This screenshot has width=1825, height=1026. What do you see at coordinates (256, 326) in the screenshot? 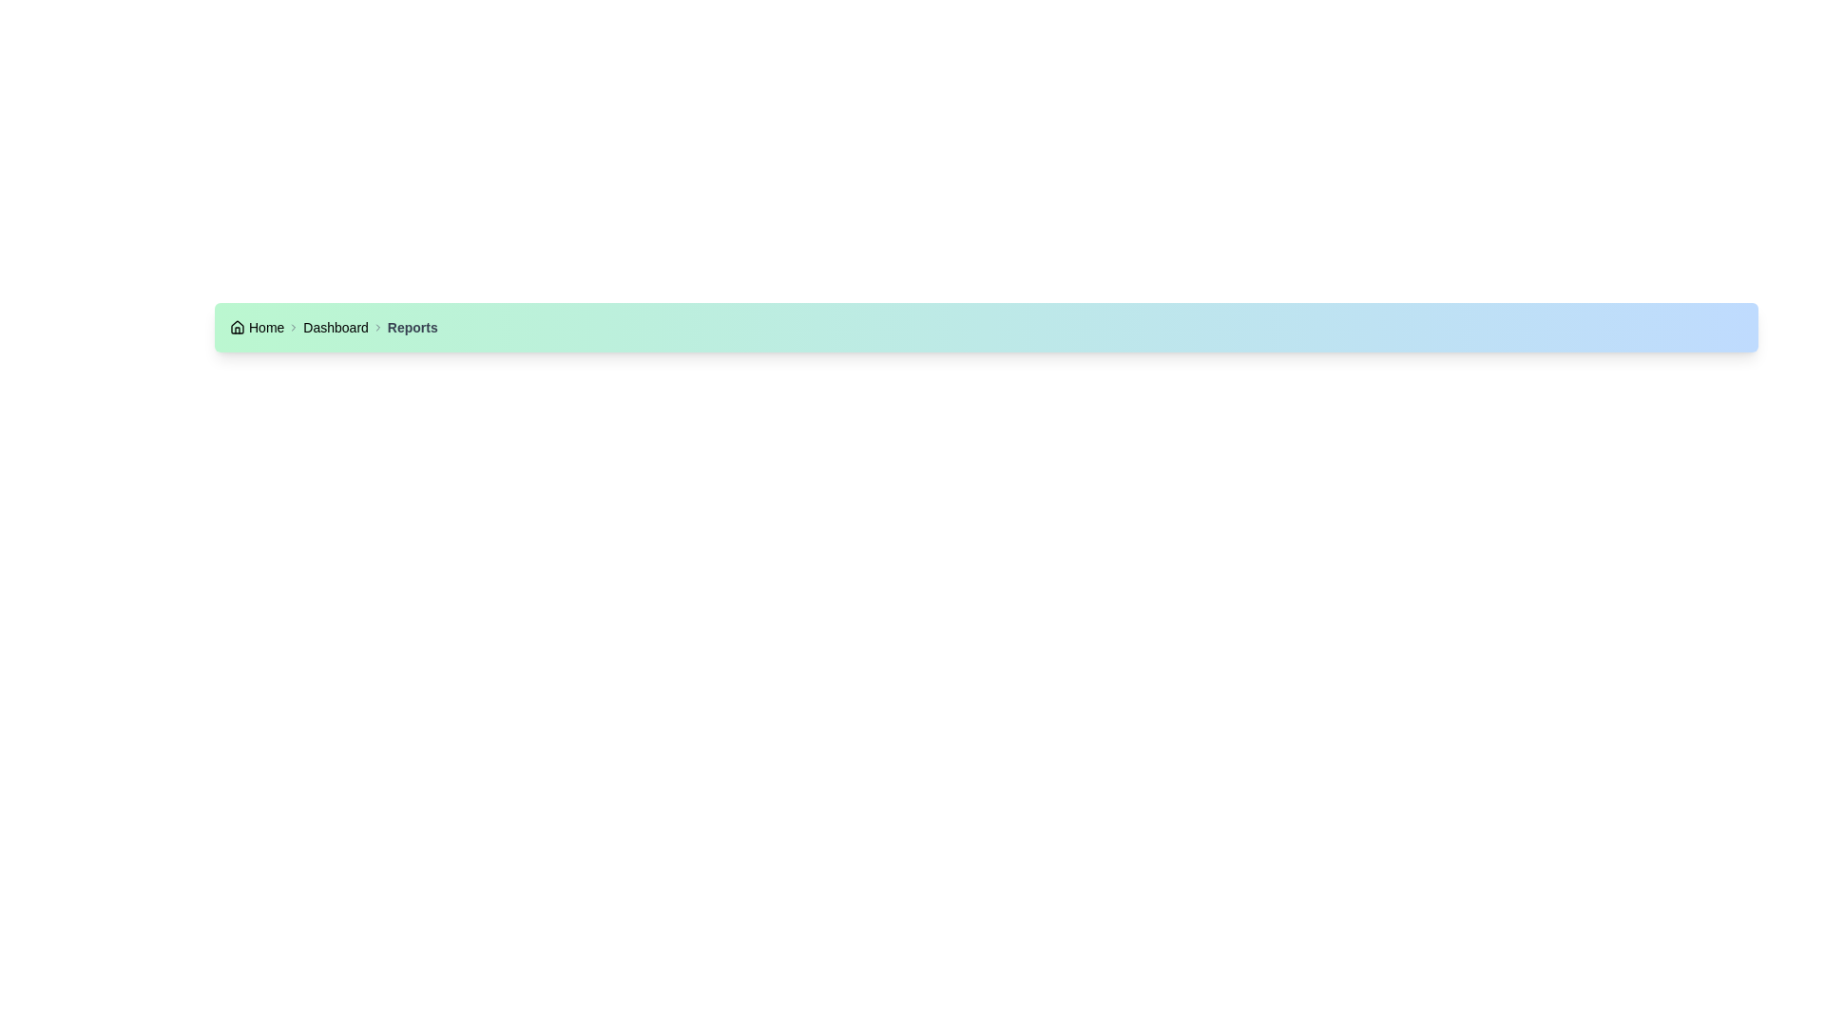
I see `the Navigation link with an icon in the breadcrumb bar` at bounding box center [256, 326].